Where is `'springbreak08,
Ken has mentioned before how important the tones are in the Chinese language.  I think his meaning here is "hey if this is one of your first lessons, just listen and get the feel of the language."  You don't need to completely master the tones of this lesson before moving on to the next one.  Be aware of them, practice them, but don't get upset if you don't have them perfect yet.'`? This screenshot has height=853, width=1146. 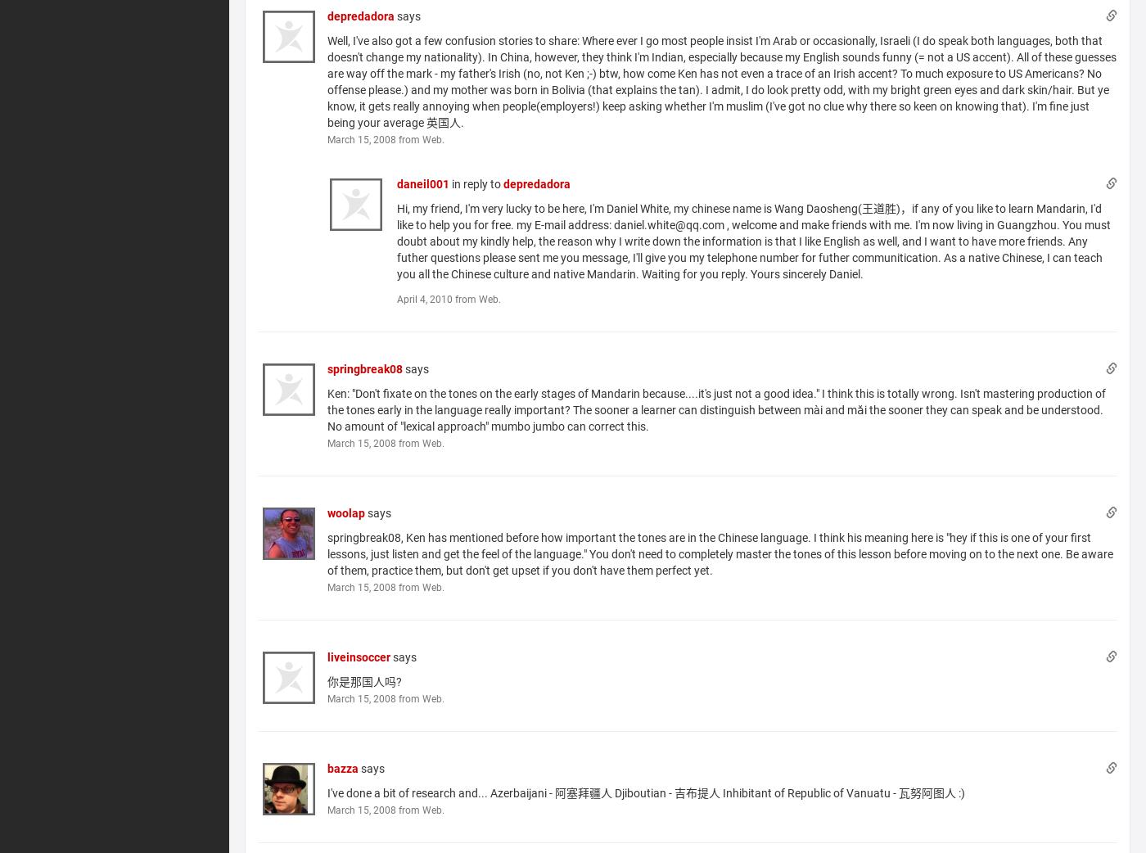 'springbreak08,
Ken has mentioned before how important the tones are in the Chinese language.  I think his meaning here is "hey if this is one of your first lessons, just listen and get the feel of the language."  You don't need to completely master the tones of this lesson before moving on to the next one.  Be aware of them, practice them, but don't get upset if you don't have them perfect yet.' is located at coordinates (326, 553).